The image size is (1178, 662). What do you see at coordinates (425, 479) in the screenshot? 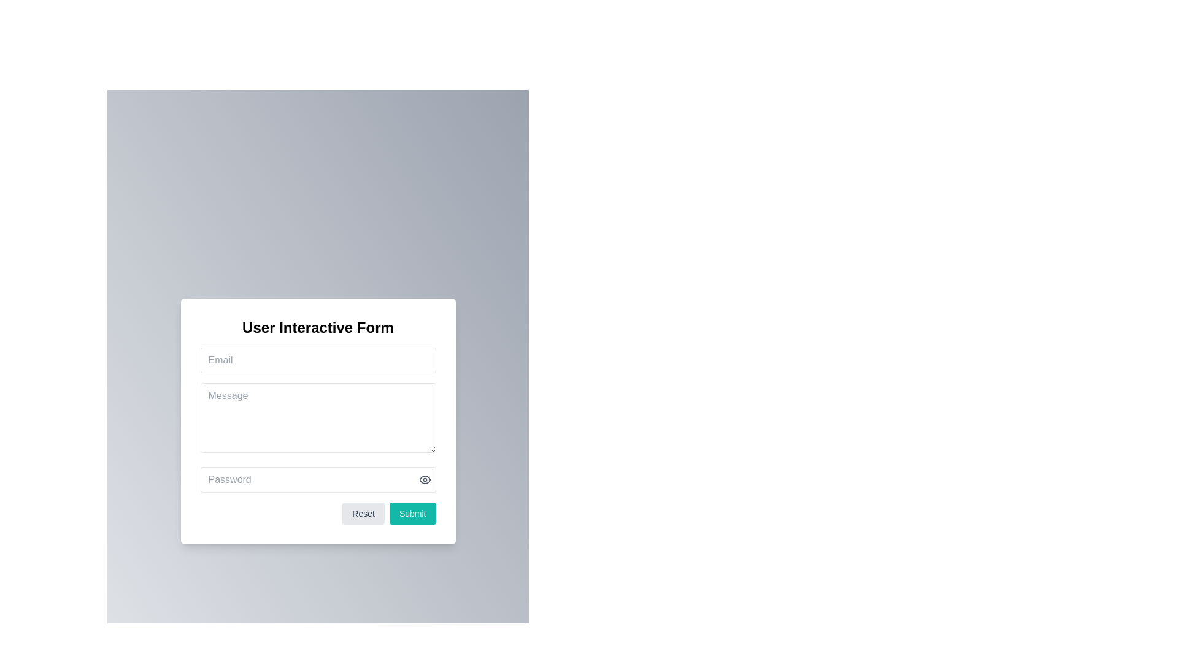
I see `the outline of the eye icon, which is part of the visibility-toggle feature for the password field, located adjacent to the password input field` at bounding box center [425, 479].